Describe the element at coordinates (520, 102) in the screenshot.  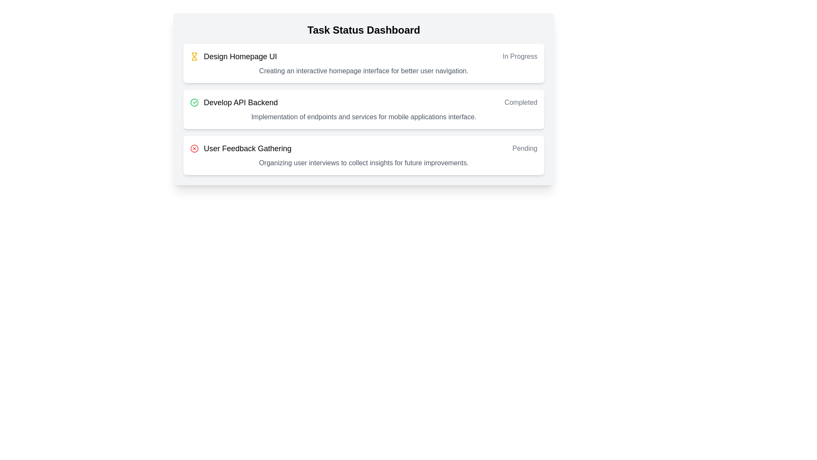
I see `the text label displaying 'Completed' in the task entry for 'Develop API Backend' in the task list card` at that location.